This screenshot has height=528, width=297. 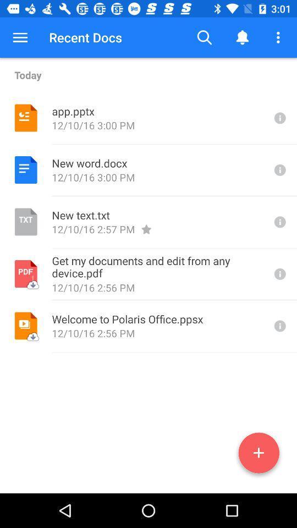 I want to click on additional info for the file new text.txt, so click(x=279, y=221).